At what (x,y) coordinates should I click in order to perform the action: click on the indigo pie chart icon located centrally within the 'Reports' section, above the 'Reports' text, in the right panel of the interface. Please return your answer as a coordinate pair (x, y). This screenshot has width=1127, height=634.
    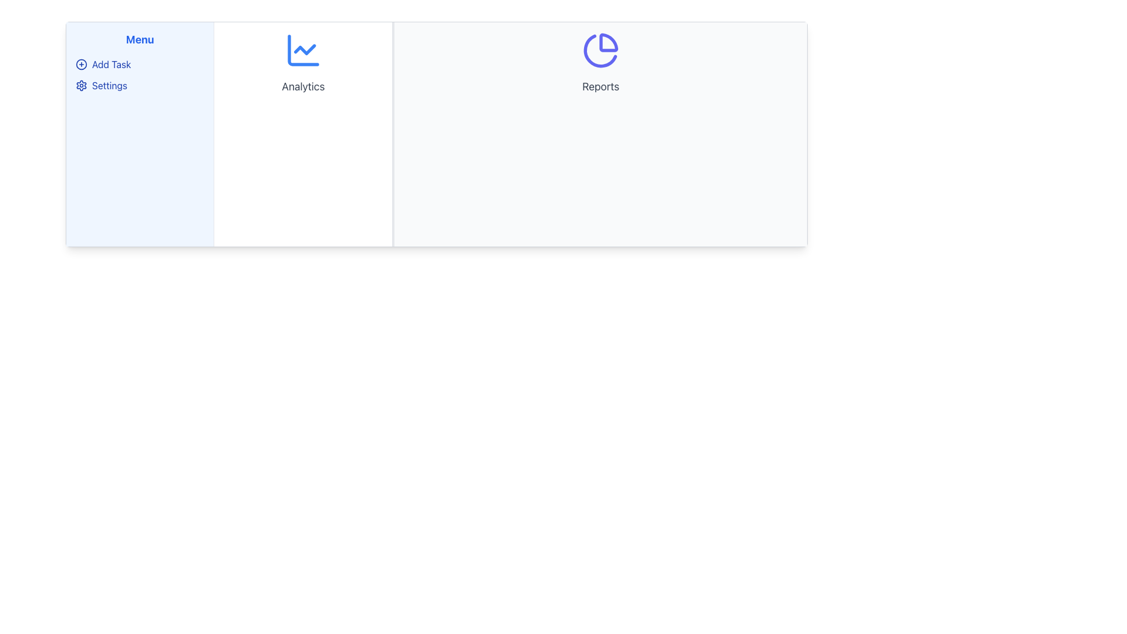
    Looking at the image, I should click on (600, 49).